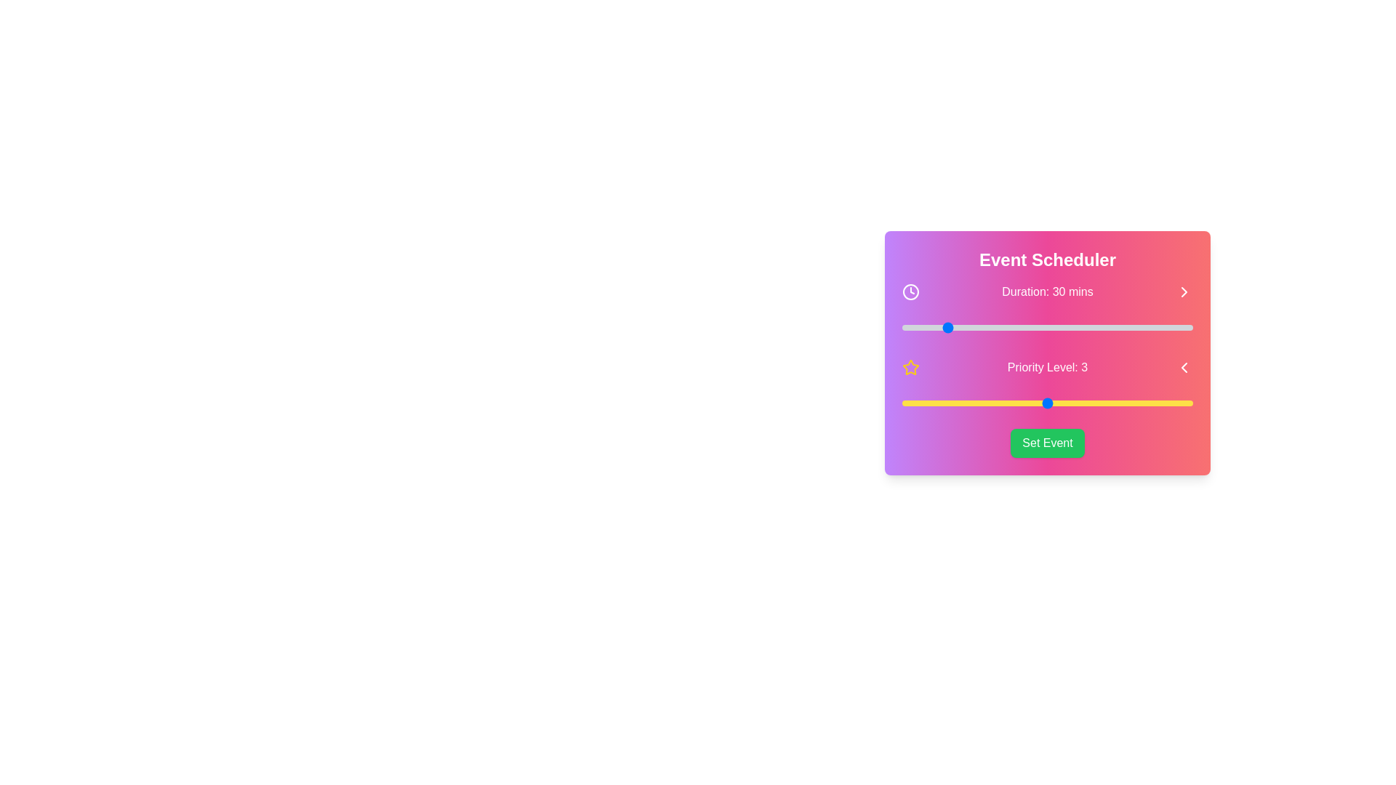  What do you see at coordinates (904, 328) in the screenshot?
I see `the slider` at bounding box center [904, 328].